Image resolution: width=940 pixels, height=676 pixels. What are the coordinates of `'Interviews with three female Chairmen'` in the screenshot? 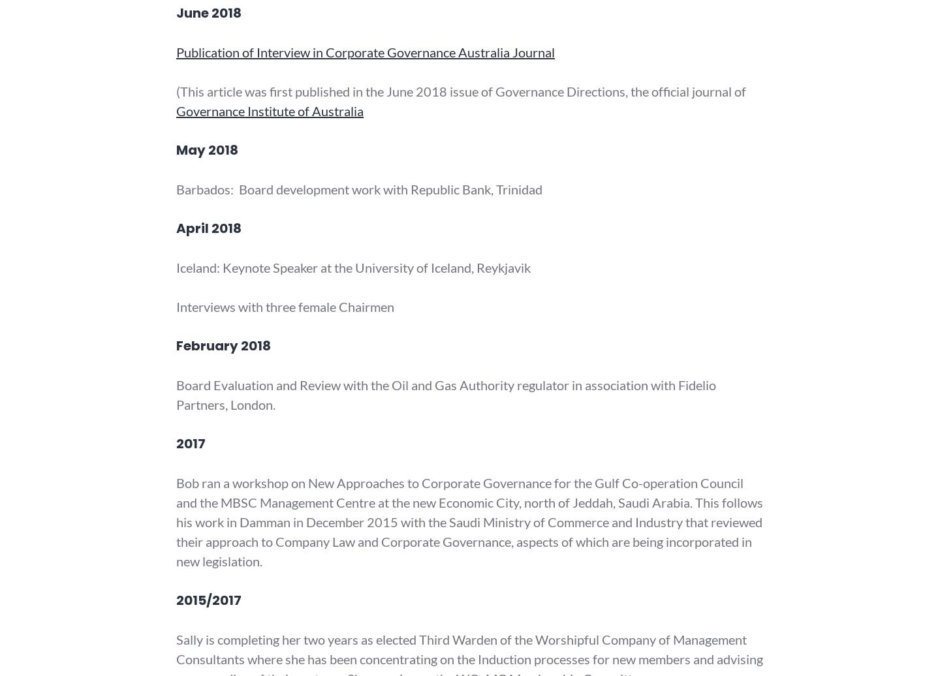 It's located at (285, 307).